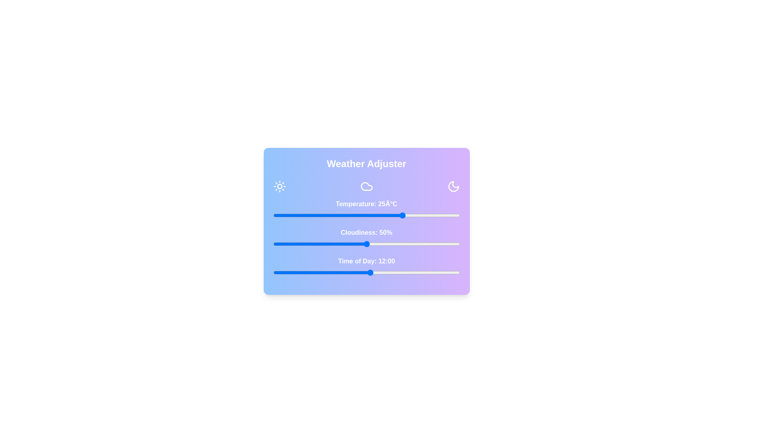 Image resolution: width=773 pixels, height=435 pixels. Describe the element at coordinates (297, 272) in the screenshot. I see `the time of day` at that location.